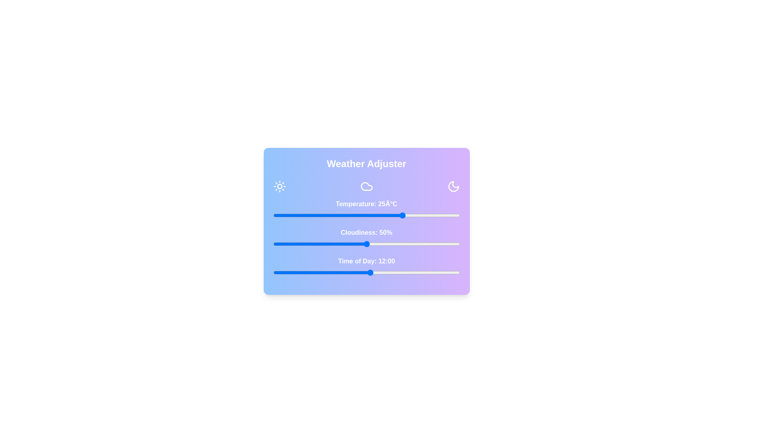 Image resolution: width=773 pixels, height=435 pixels. Describe the element at coordinates (297, 272) in the screenshot. I see `the time of day` at that location.